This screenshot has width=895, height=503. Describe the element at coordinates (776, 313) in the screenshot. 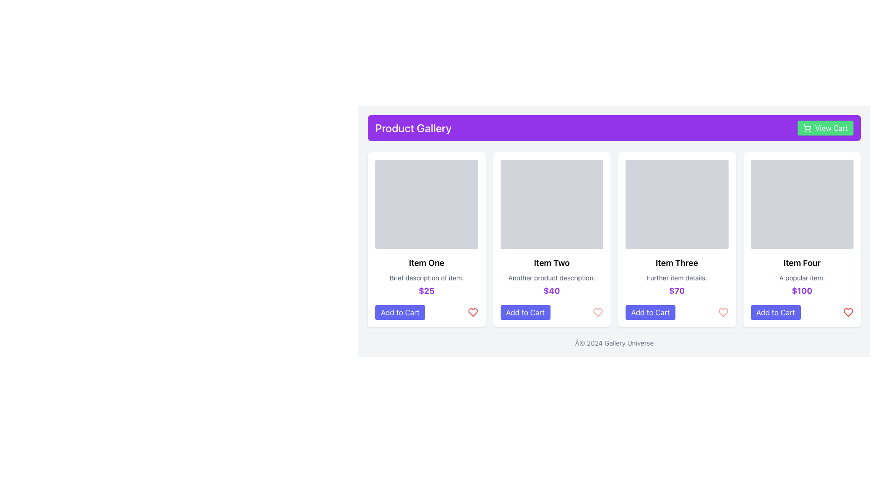

I see `the button located at the bottom center of the 'Item Four' product card` at that location.